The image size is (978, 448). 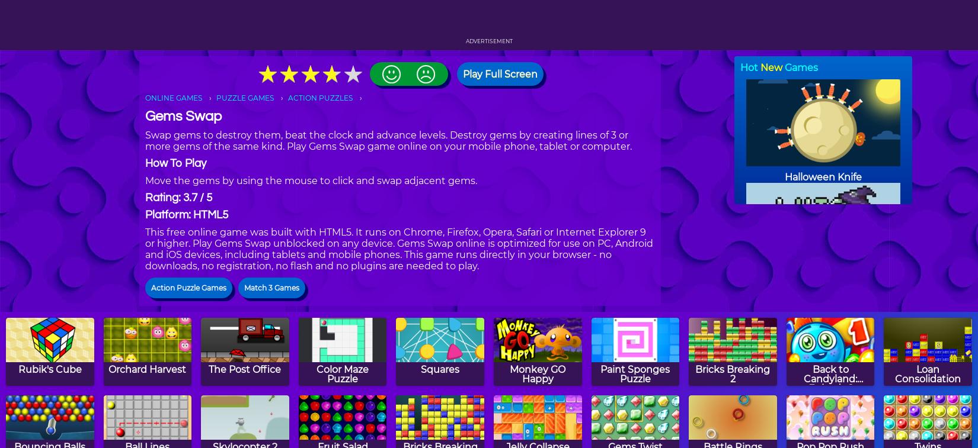 I want to click on 'Back to Candyland: Episode 1', so click(x=830, y=378).